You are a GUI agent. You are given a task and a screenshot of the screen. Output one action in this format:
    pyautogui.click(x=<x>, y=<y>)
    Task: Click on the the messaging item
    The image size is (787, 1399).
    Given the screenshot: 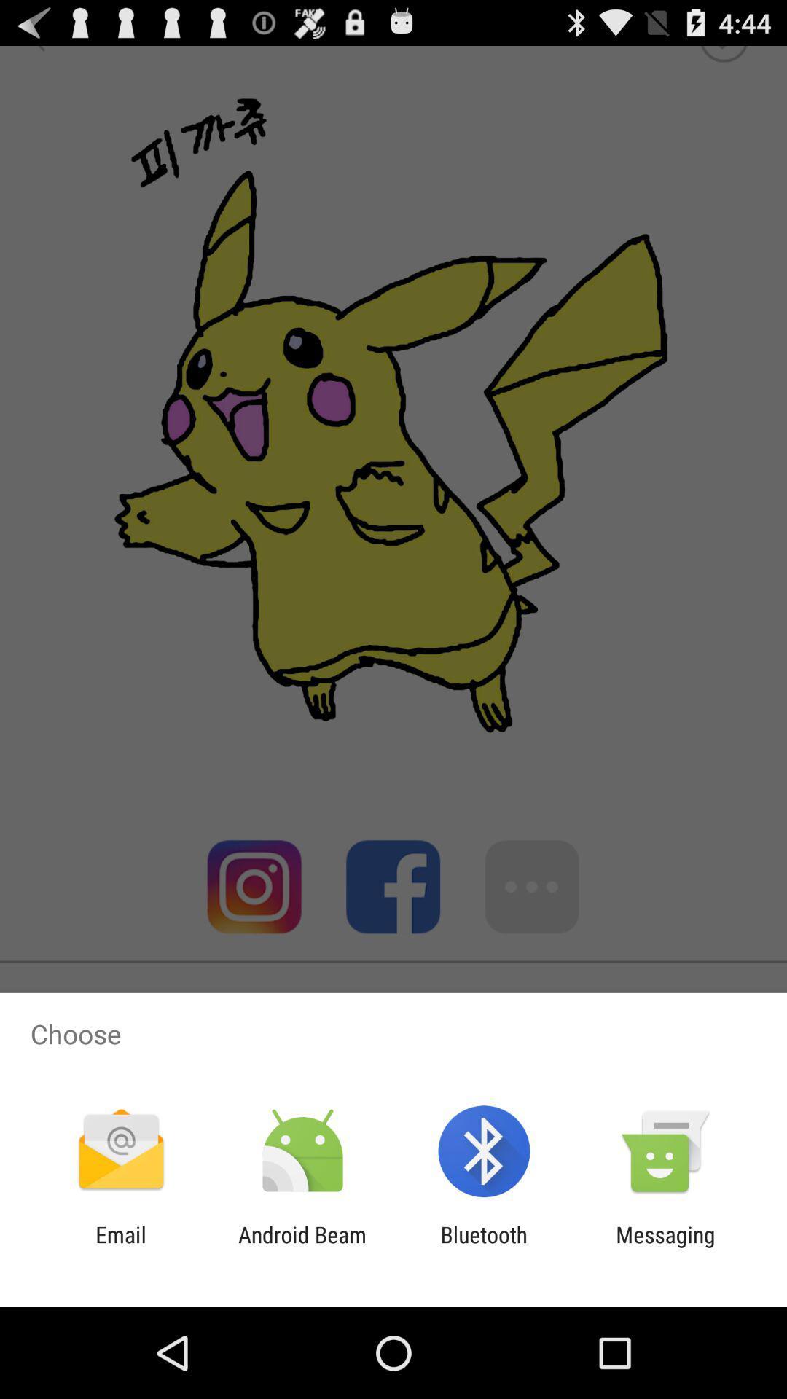 What is the action you would take?
    pyautogui.click(x=665, y=1247)
    